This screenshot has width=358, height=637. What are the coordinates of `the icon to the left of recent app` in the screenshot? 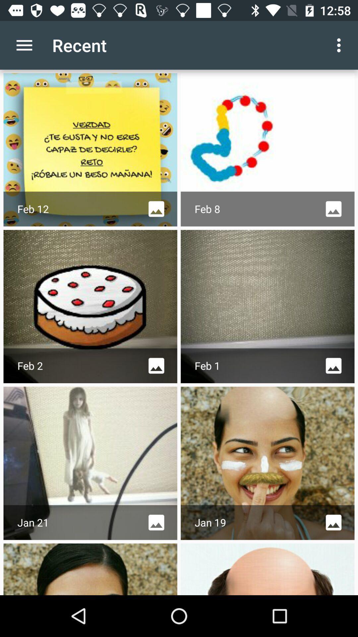 It's located at (24, 45).